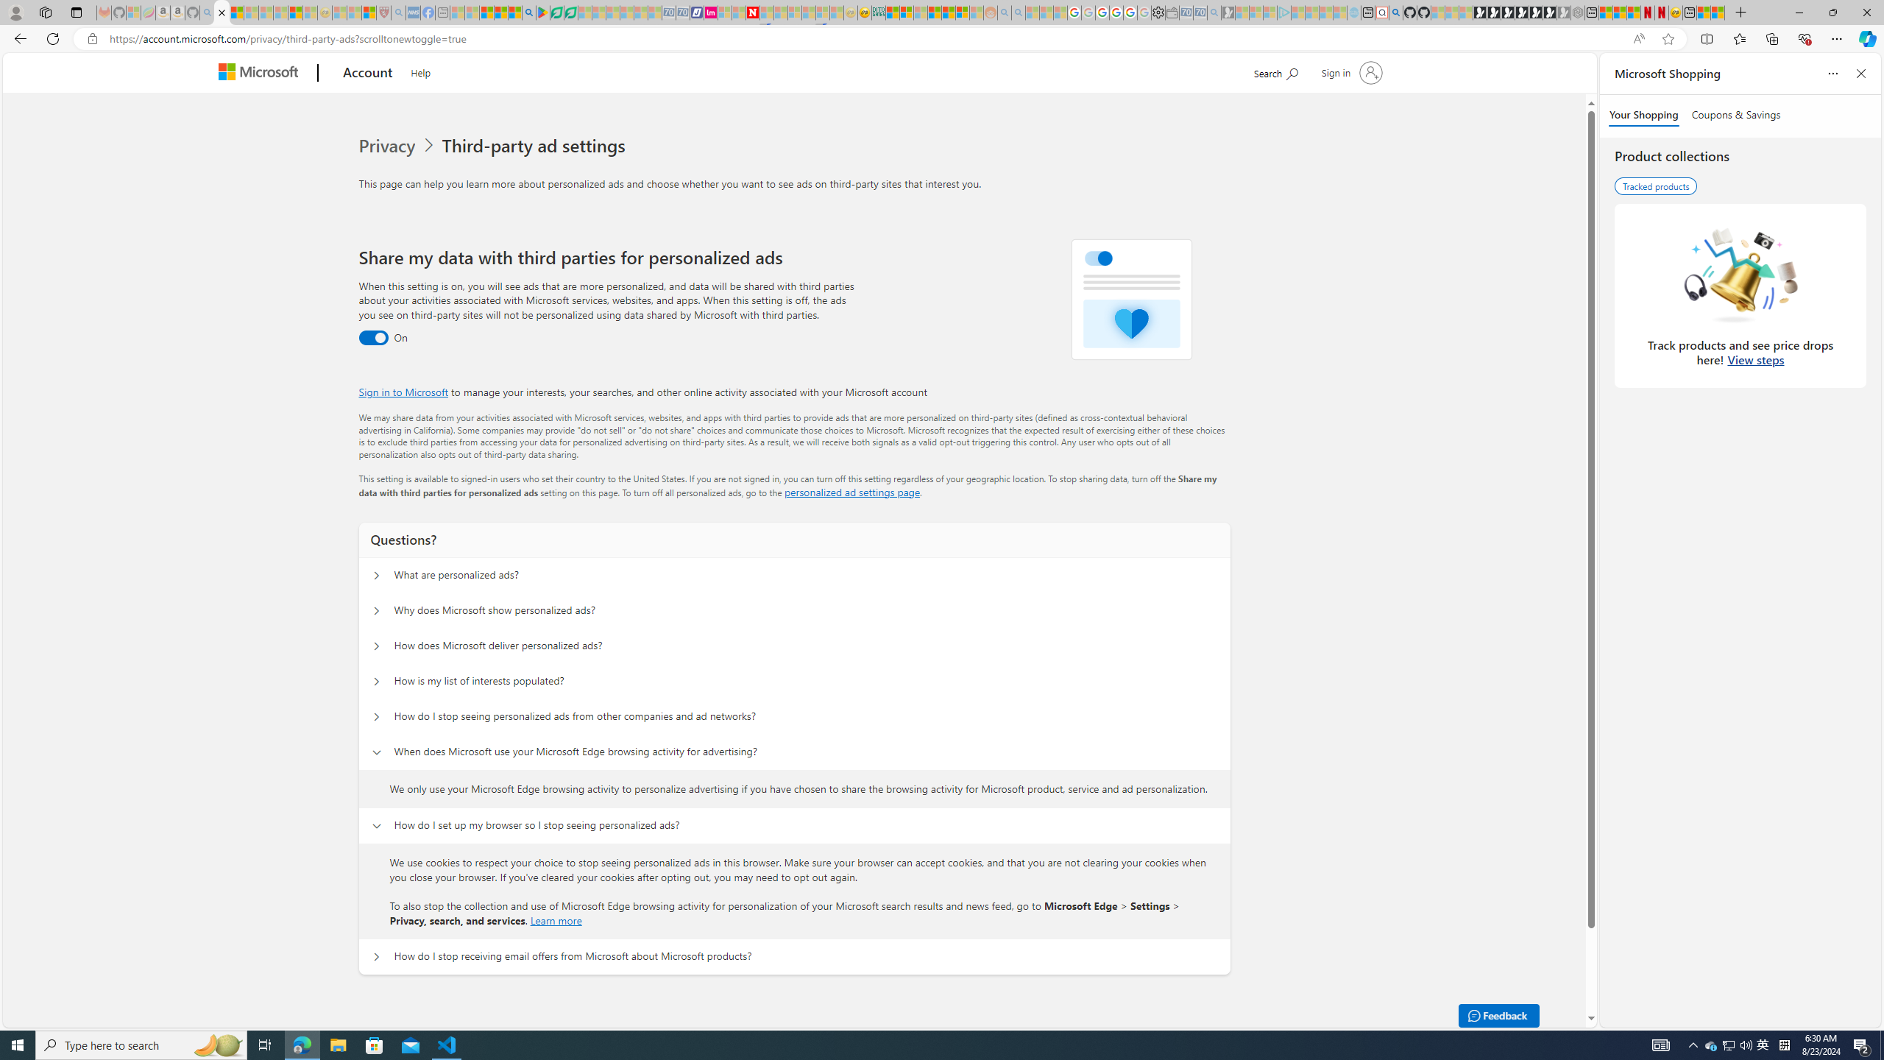 This screenshot has height=1060, width=1884. What do you see at coordinates (382, 12) in the screenshot?
I see `'Robert H. Shmerling, MD - Harvard Health - Sleeping'` at bounding box center [382, 12].